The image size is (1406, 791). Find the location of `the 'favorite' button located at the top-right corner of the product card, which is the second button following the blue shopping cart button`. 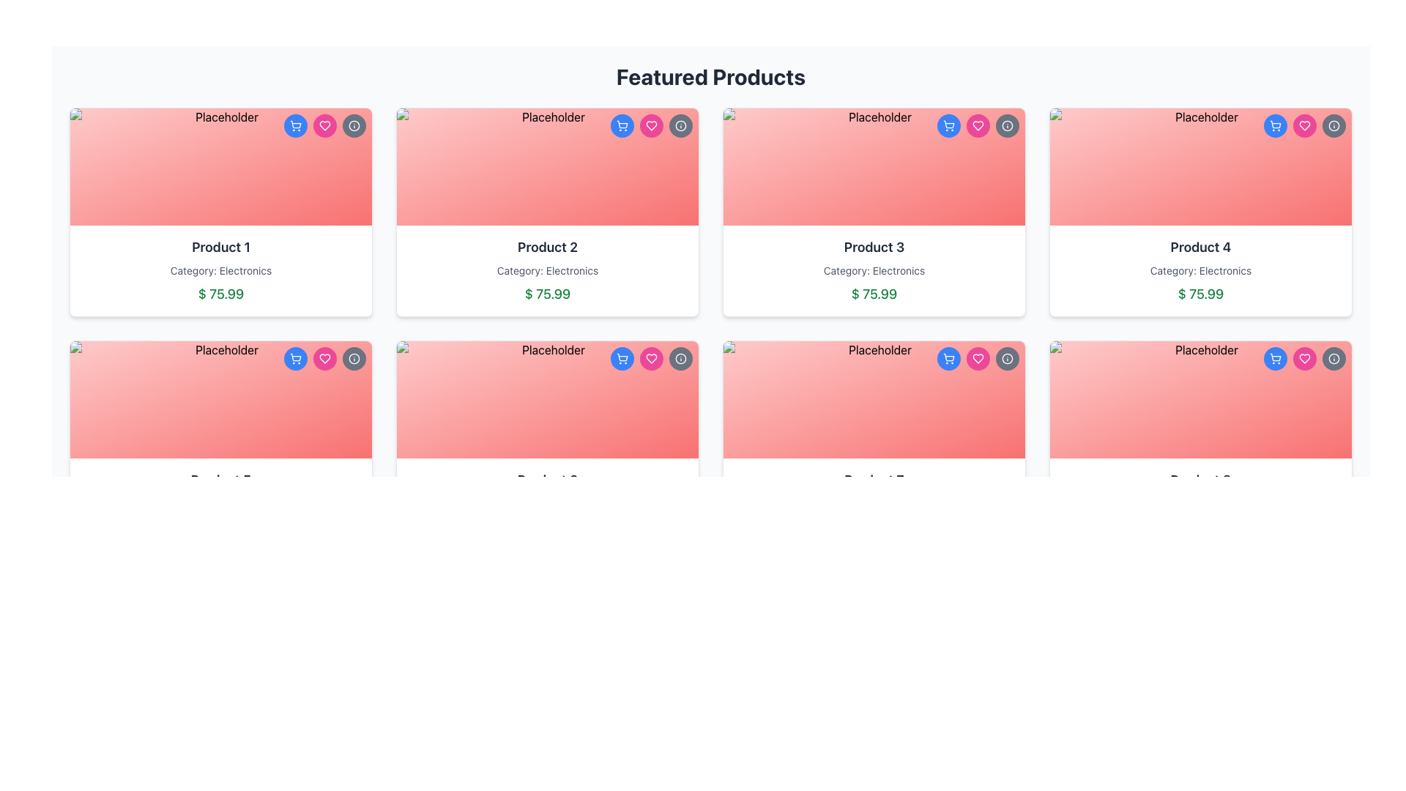

the 'favorite' button located at the top-right corner of the product card, which is the second button following the blue shopping cart button is located at coordinates (978, 358).